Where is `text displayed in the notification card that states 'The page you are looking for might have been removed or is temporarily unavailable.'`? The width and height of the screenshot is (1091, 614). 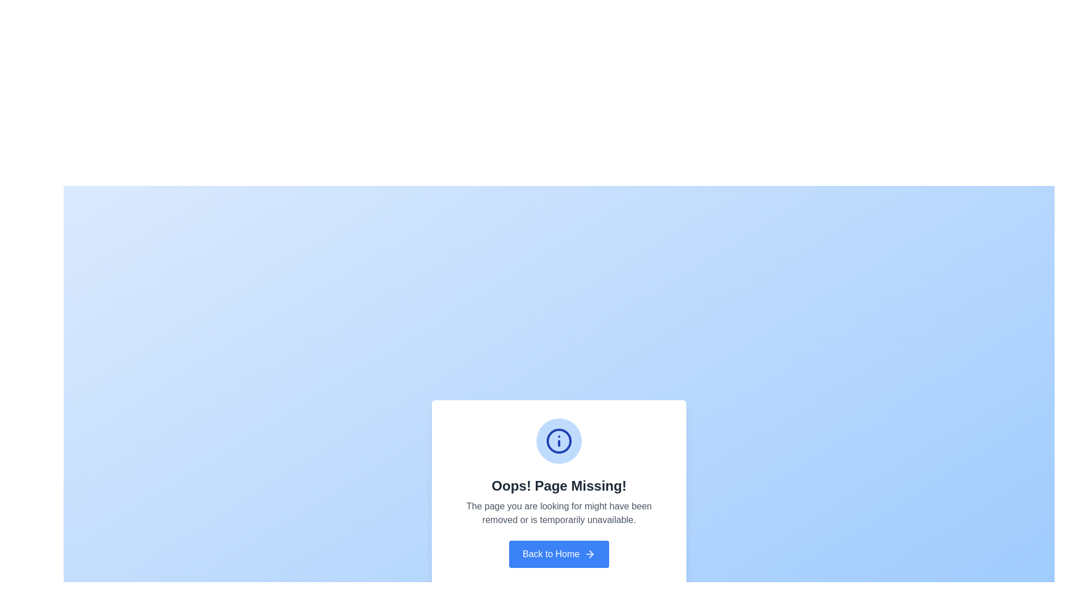
text displayed in the notification card that states 'The page you are looking for might have been removed or is temporarily unavailable.' is located at coordinates (559, 513).